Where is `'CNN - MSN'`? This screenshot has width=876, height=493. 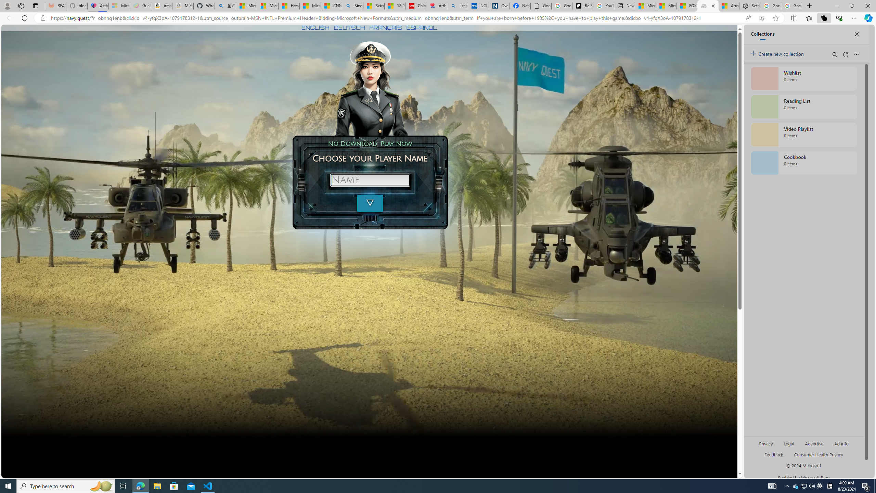 'CNN - MSN' is located at coordinates (331, 5).